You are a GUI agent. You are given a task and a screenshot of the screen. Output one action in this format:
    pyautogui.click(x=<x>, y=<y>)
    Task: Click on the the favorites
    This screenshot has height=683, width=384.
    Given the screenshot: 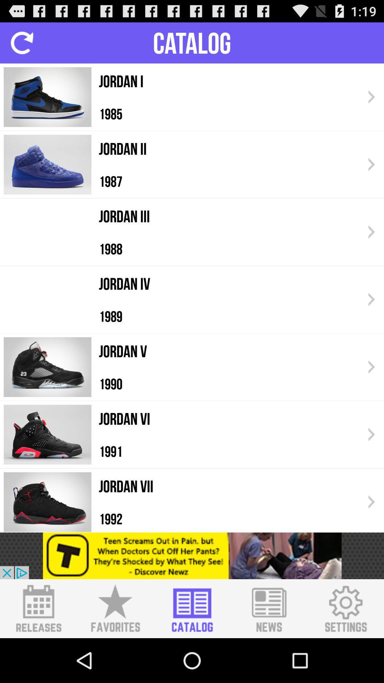 What is the action you would take?
    pyautogui.click(x=115, y=608)
    